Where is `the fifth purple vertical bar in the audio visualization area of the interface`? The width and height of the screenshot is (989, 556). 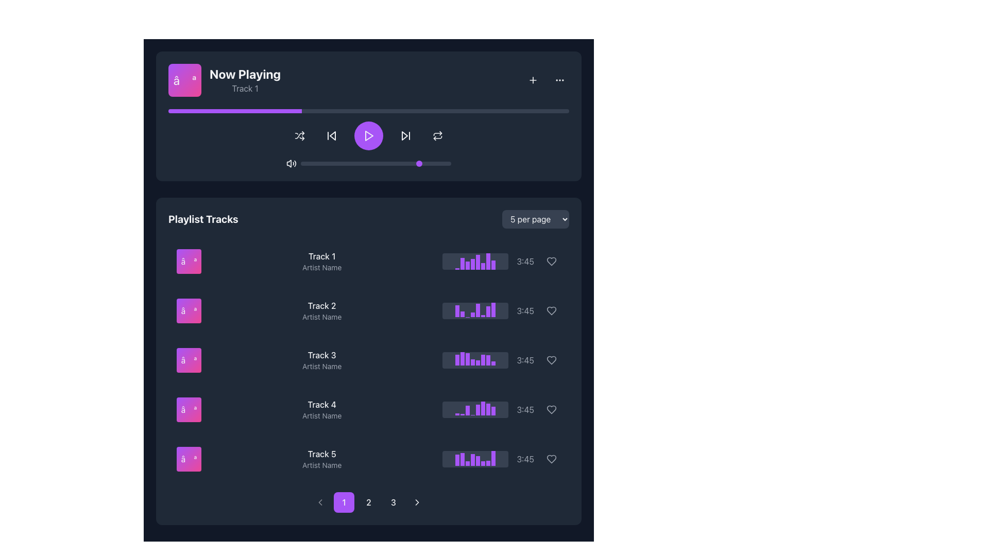 the fifth purple vertical bar in the audio visualization area of the interface is located at coordinates (478, 460).